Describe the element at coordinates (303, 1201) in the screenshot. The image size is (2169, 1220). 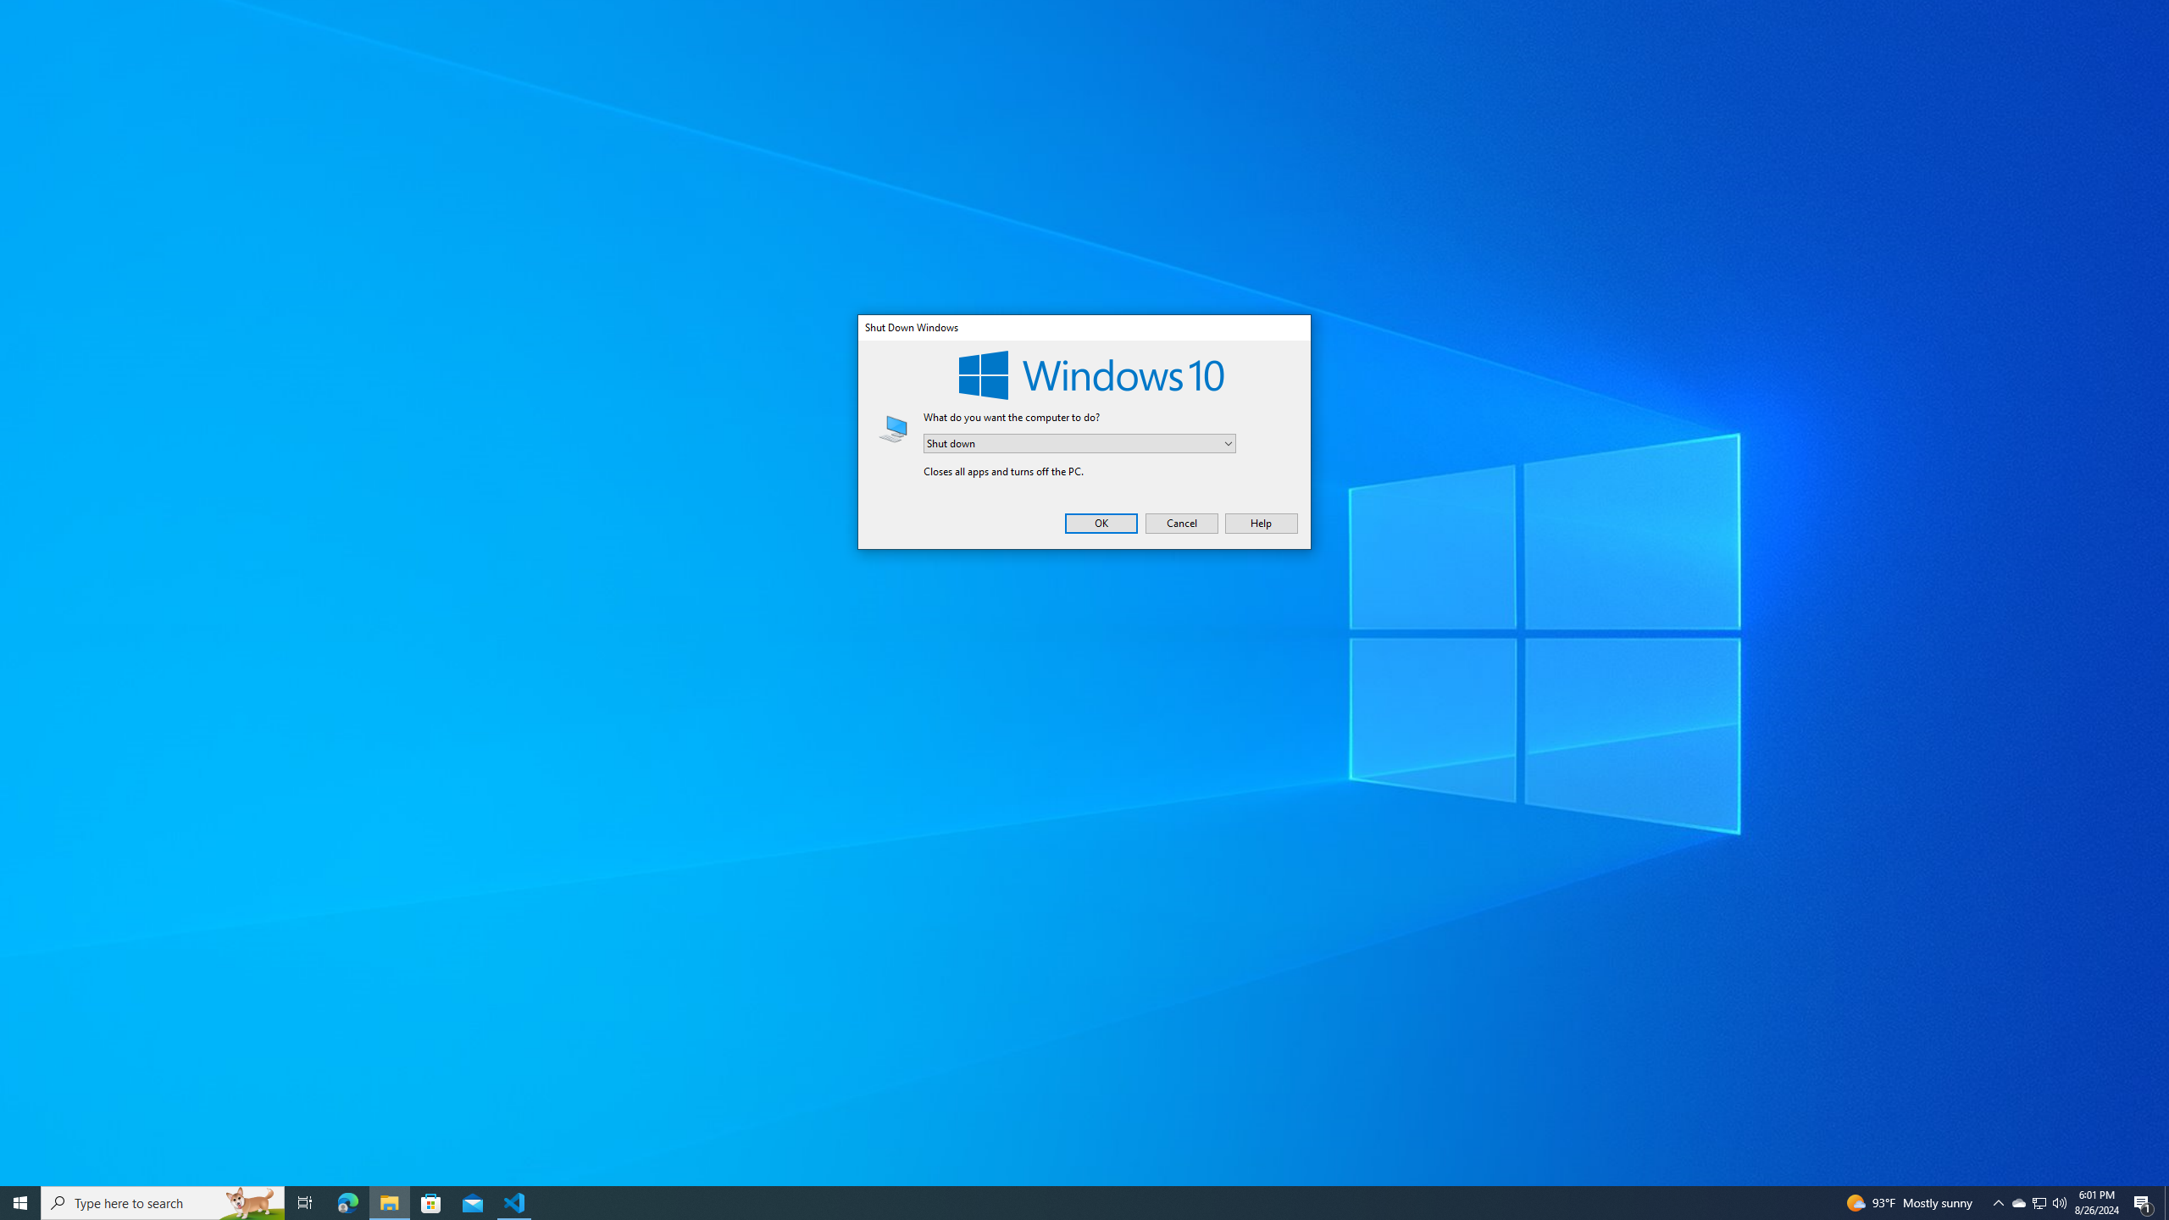
I see `'Microsoft Edge'` at that location.